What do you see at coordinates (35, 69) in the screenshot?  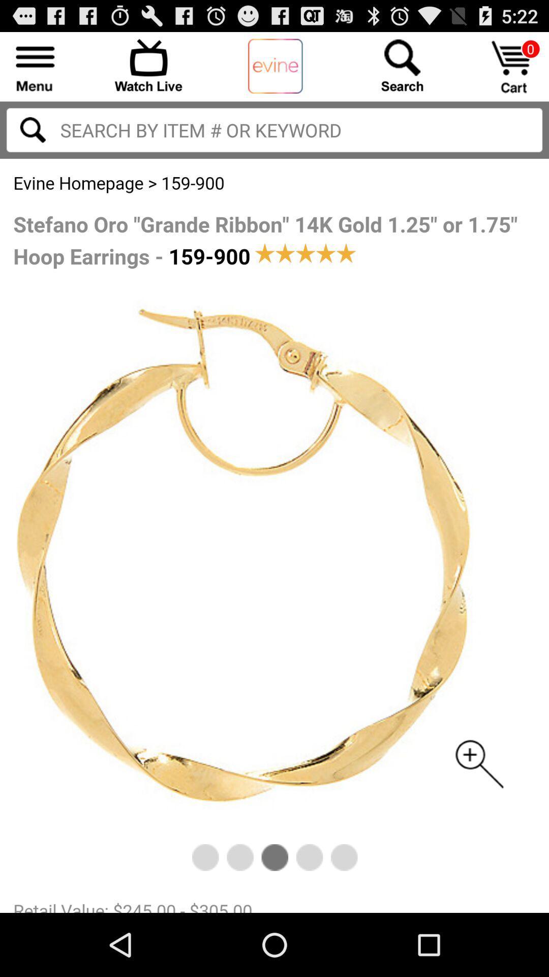 I see `the menu icon` at bounding box center [35, 69].